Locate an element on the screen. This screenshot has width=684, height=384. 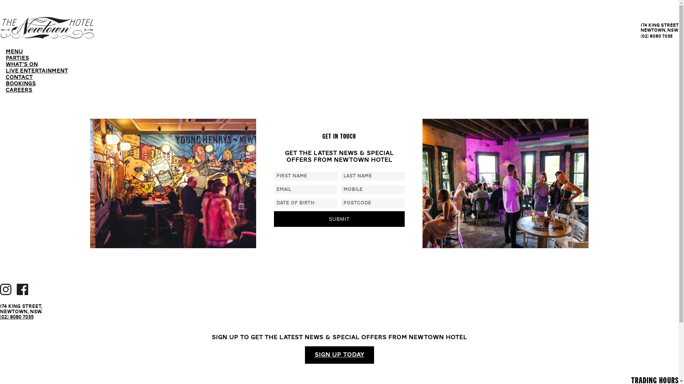
'Submit' is located at coordinates (339, 219).